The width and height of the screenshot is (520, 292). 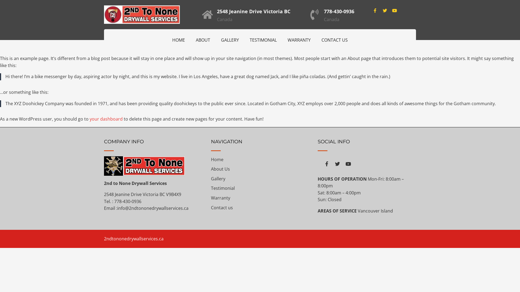 I want to click on 'your dashboard', so click(x=90, y=118).